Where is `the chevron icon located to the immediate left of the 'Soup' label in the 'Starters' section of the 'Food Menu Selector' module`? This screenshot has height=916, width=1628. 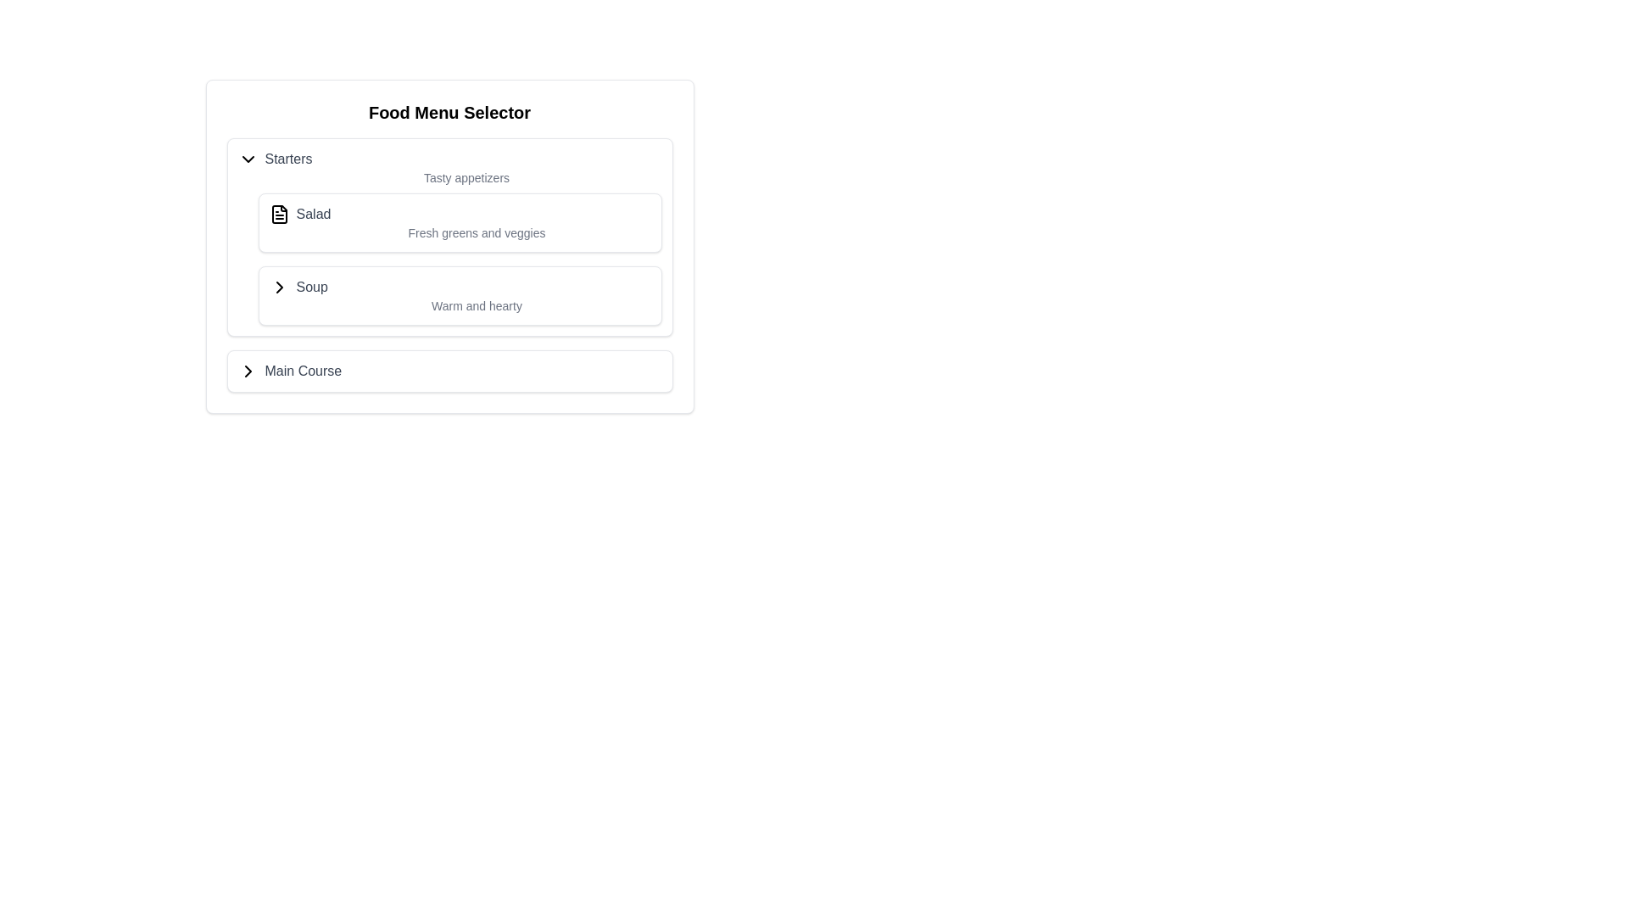
the chevron icon located to the immediate left of the 'Soup' label in the 'Starters' section of the 'Food Menu Selector' module is located at coordinates (279, 287).